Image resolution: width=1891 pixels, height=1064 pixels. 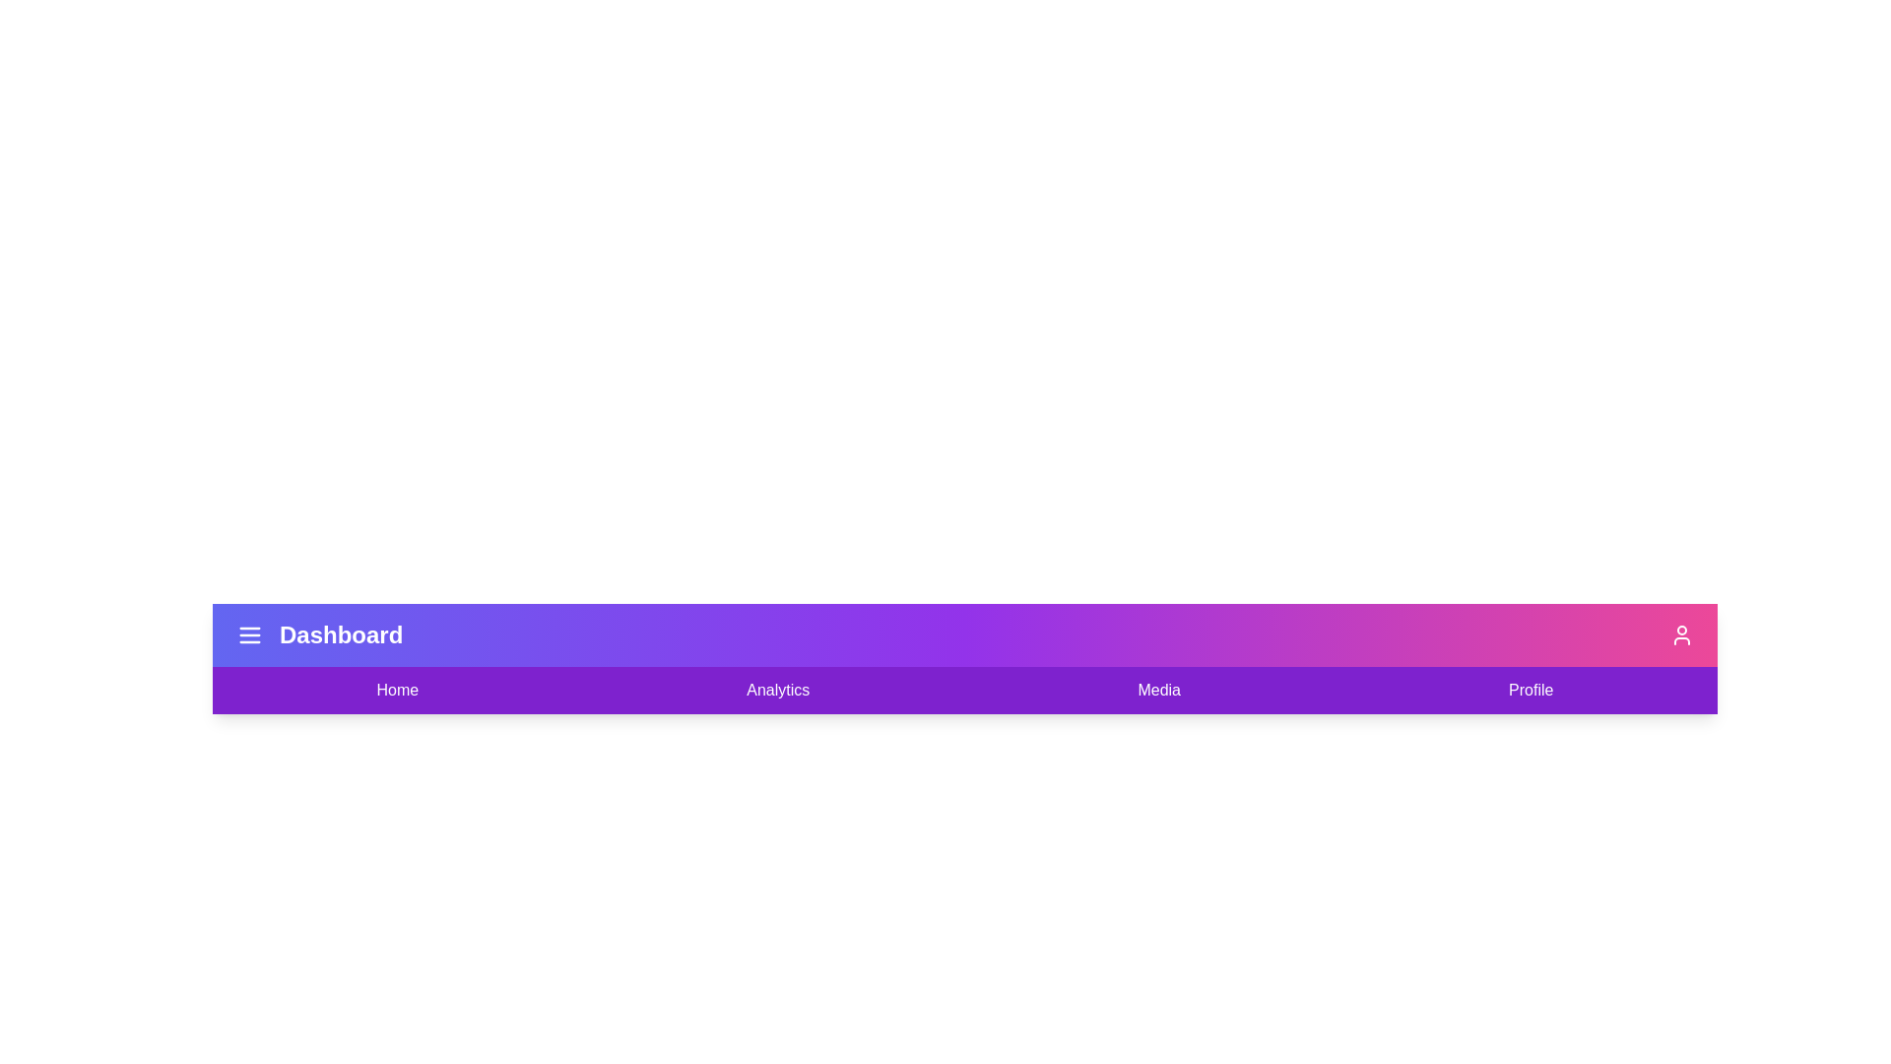 What do you see at coordinates (1530, 690) in the screenshot?
I see `the navigation link labeled Profile` at bounding box center [1530, 690].